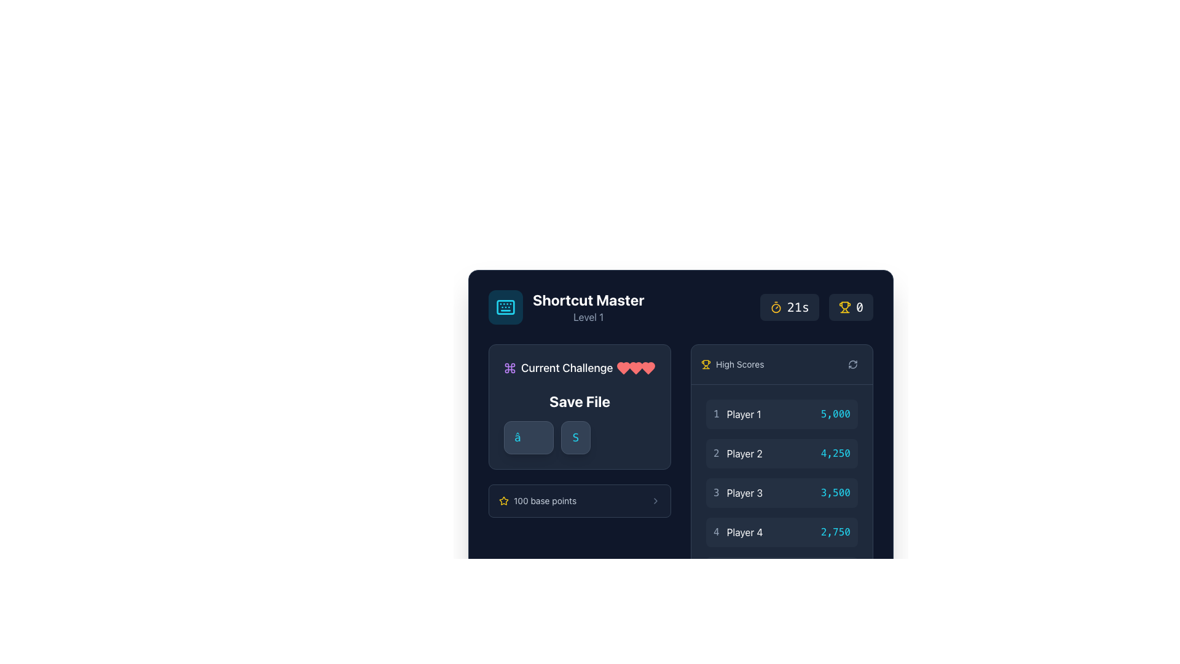  I want to click on the light gray-colored numeral '2' static text label, which is part of the player rankings display, located to the right under the 'High Scores' heading, aligned left of 'Player 2', so click(716, 453).